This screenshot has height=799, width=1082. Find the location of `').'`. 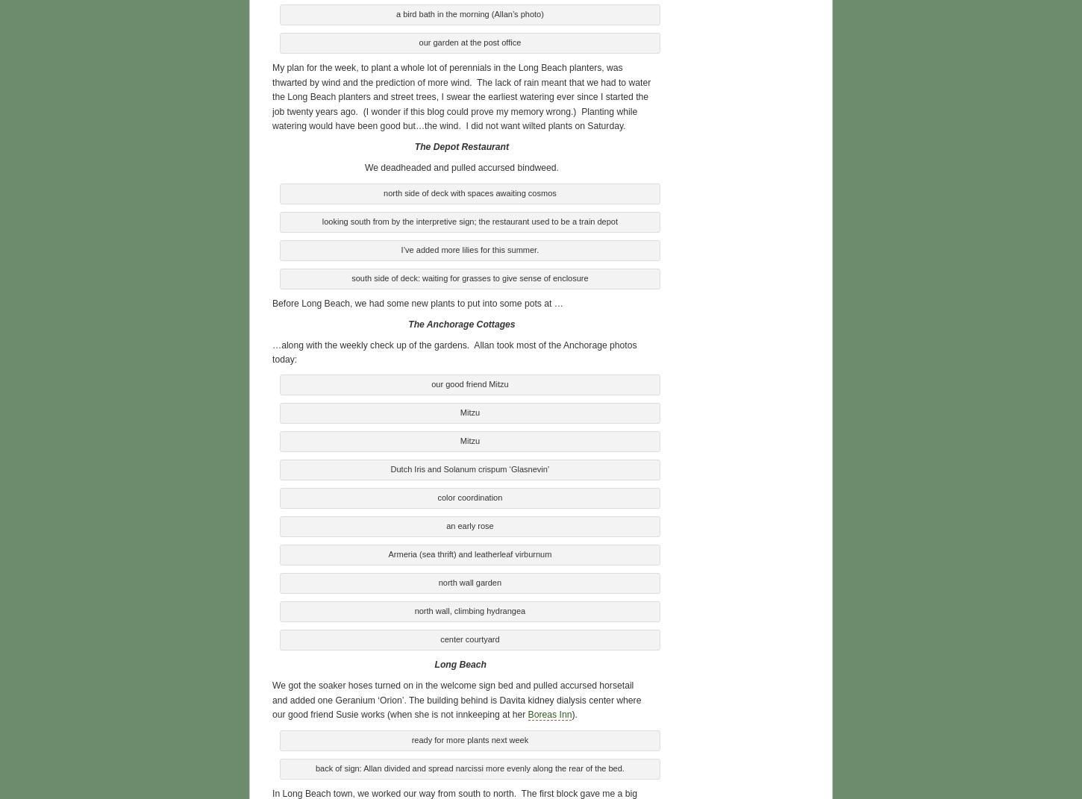

').' is located at coordinates (574, 712).